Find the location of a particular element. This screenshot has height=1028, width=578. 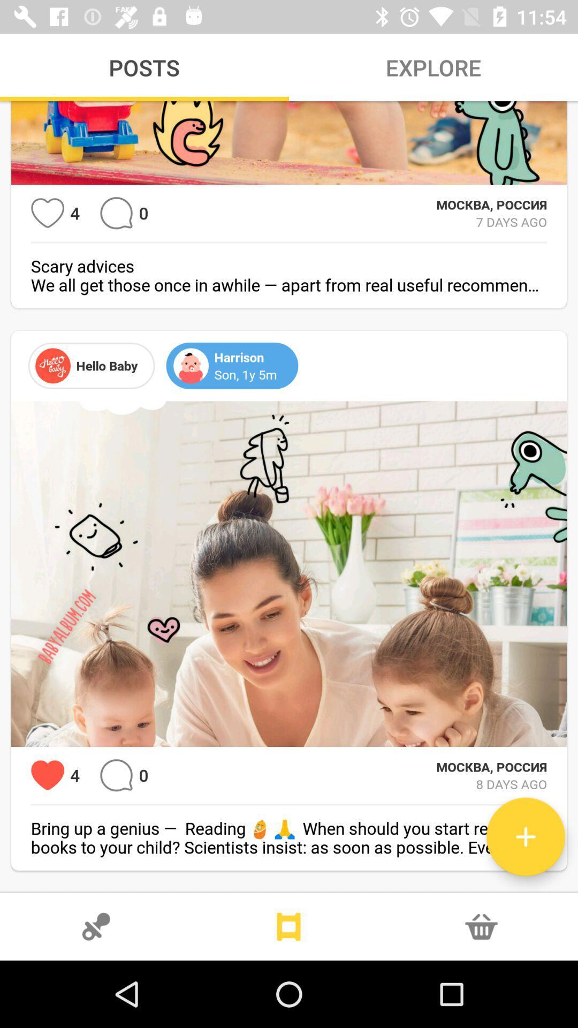

like button is located at coordinates (47, 775).